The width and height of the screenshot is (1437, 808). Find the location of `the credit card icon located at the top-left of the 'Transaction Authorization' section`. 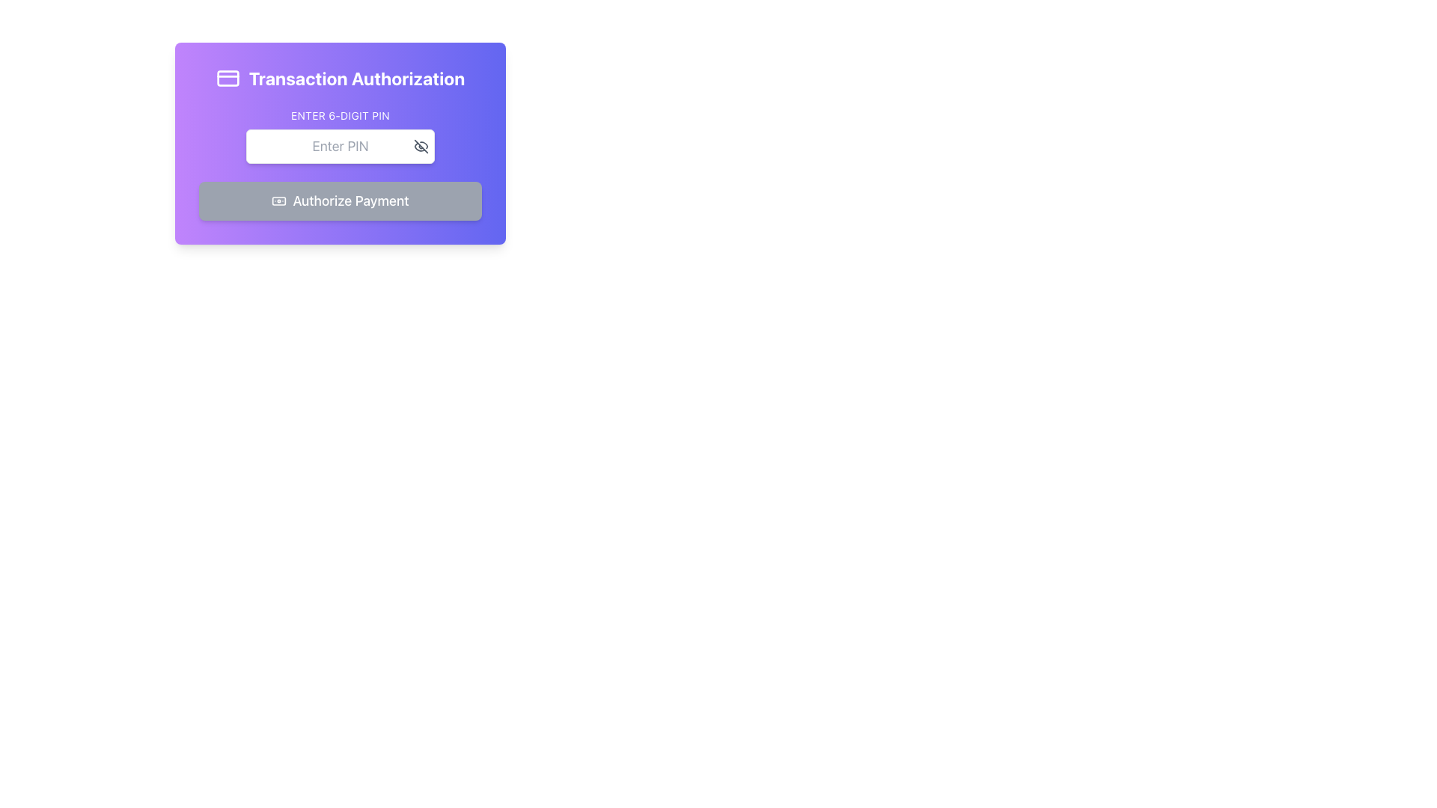

the credit card icon located at the top-left of the 'Transaction Authorization' section is located at coordinates (227, 78).